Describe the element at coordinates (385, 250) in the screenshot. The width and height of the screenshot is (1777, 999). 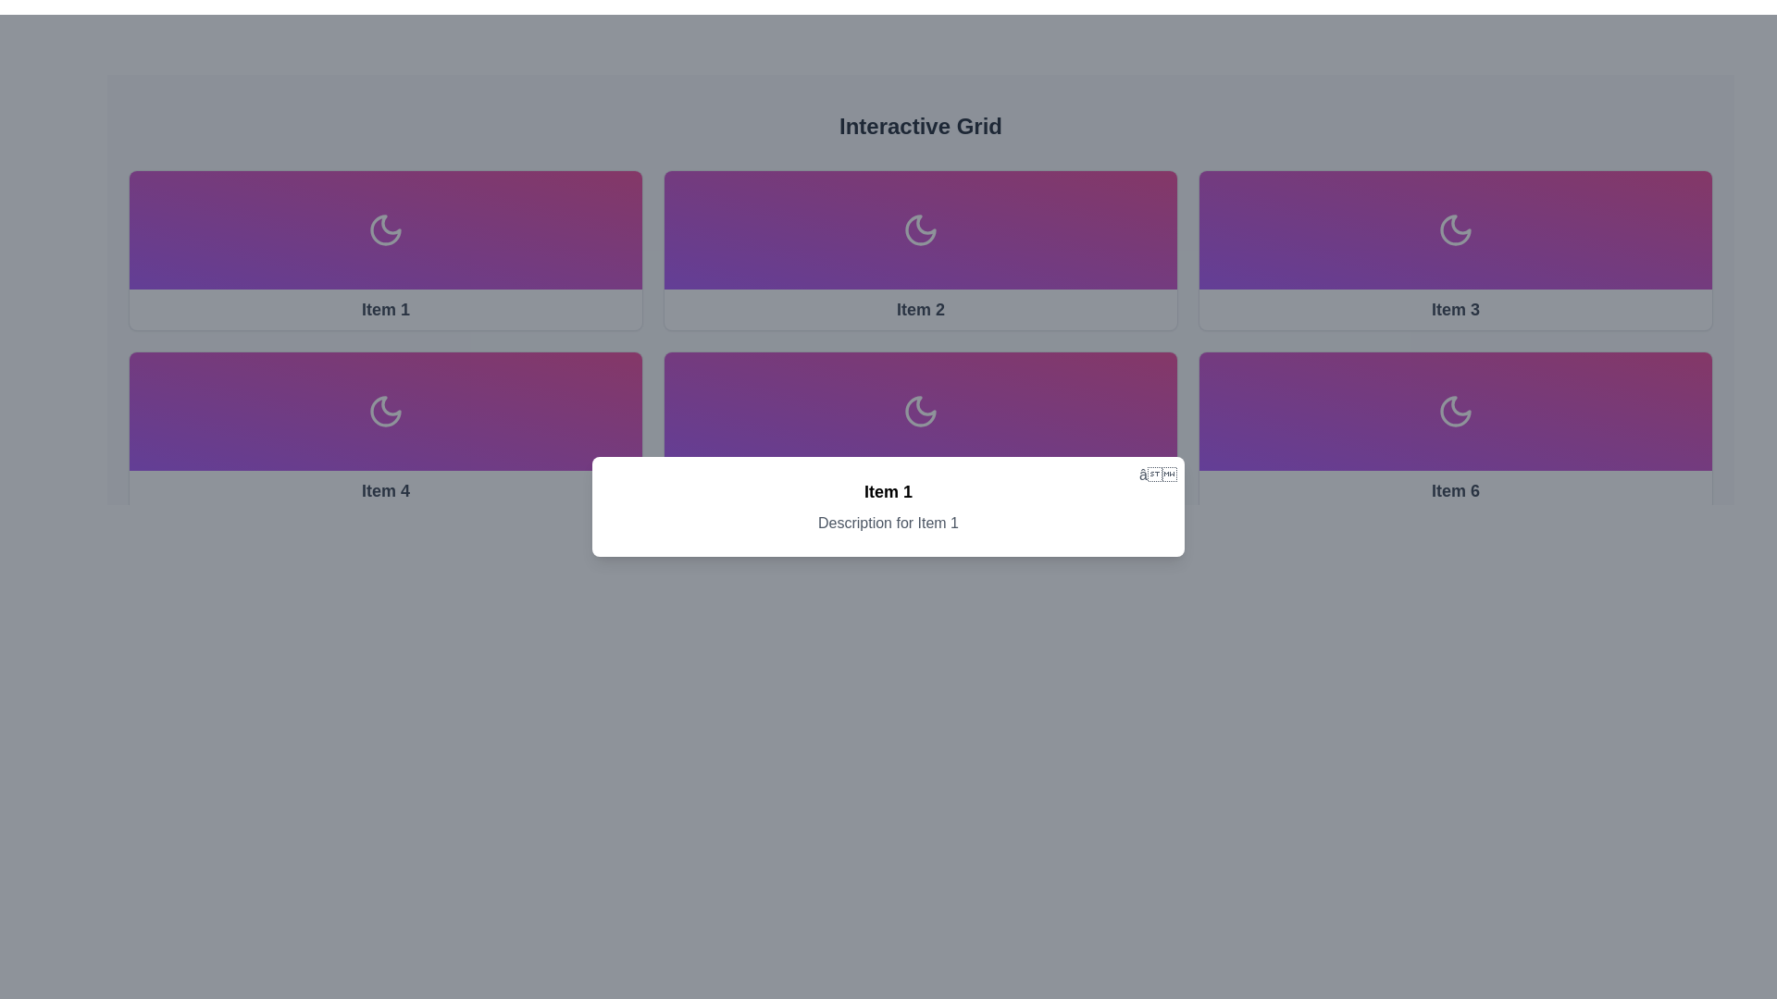
I see `the interactive card located in the top-left corner of the grid layout` at that location.